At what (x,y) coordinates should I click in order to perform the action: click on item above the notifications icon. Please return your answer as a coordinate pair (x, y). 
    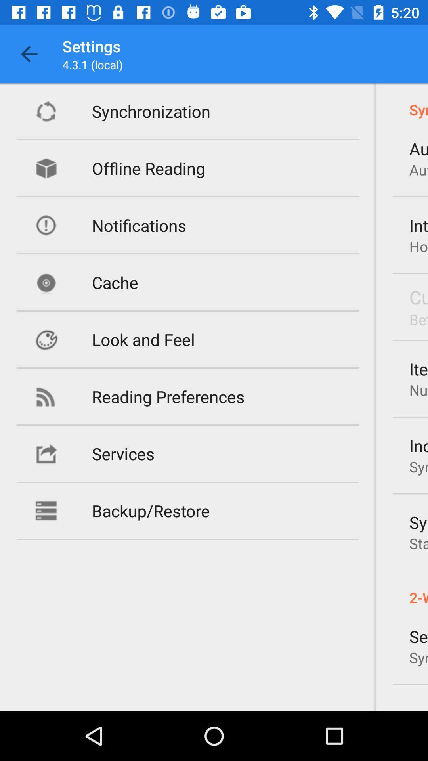
    Looking at the image, I should click on (148, 168).